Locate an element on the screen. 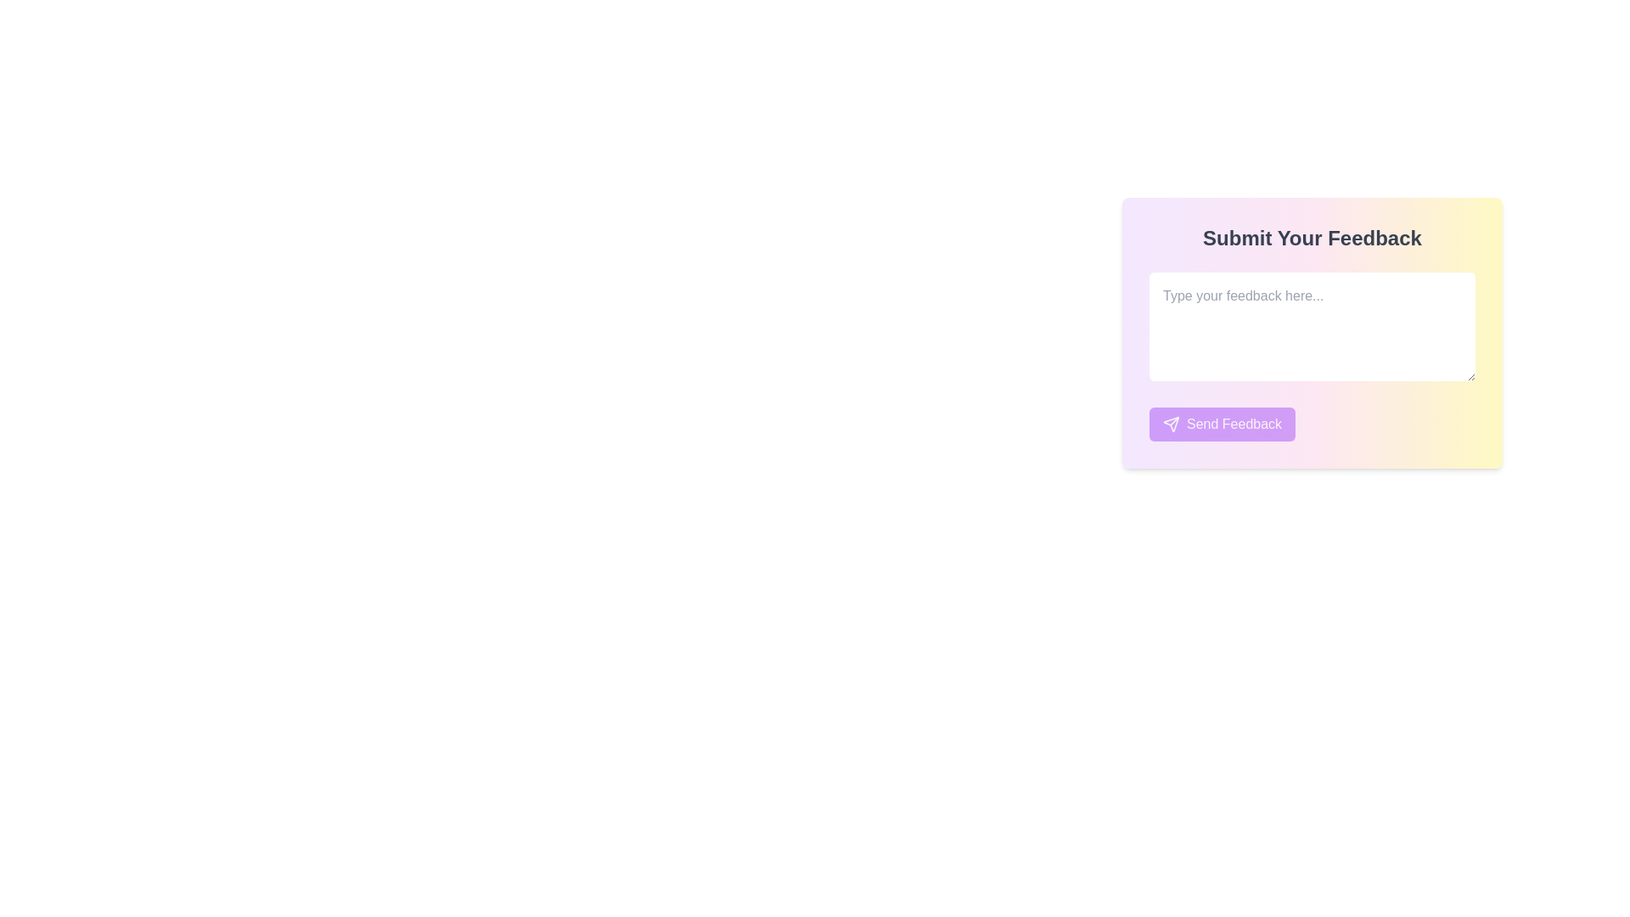 The width and height of the screenshot is (1630, 917). the decorative icon within the 'Send Feedback' button, located to the left of the button's text is located at coordinates (1171, 424).